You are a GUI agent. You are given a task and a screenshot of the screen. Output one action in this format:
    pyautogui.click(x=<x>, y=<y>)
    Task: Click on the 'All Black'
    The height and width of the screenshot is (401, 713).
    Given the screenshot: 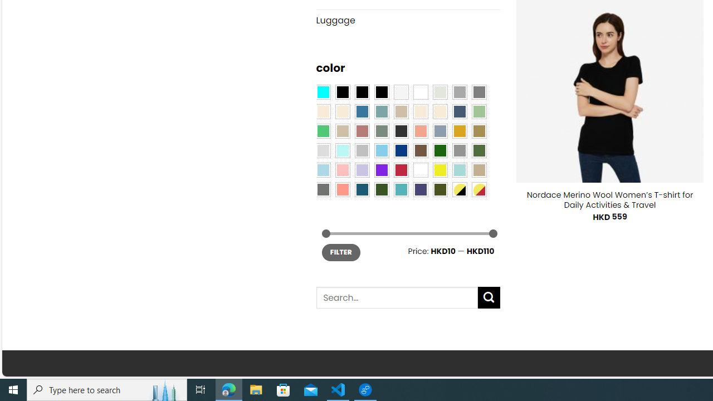 What is the action you would take?
    pyautogui.click(x=342, y=91)
    